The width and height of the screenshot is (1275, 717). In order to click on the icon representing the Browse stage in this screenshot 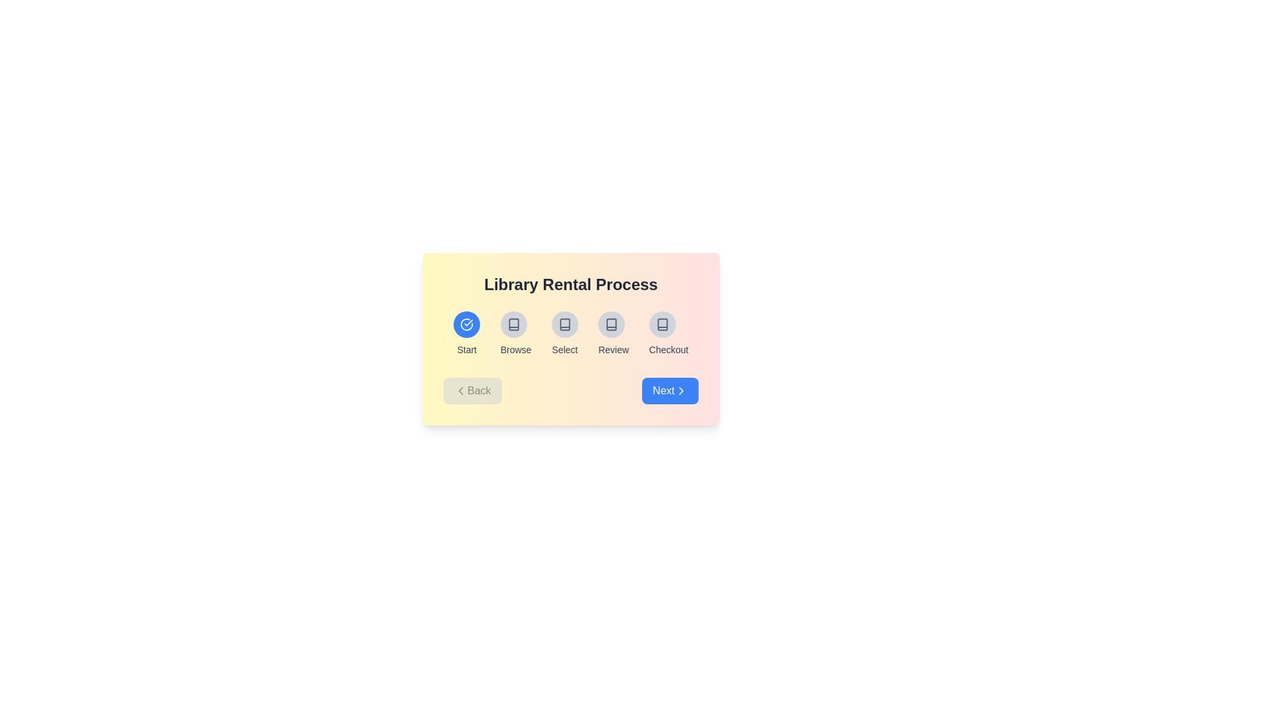, I will do `click(513, 325)`.